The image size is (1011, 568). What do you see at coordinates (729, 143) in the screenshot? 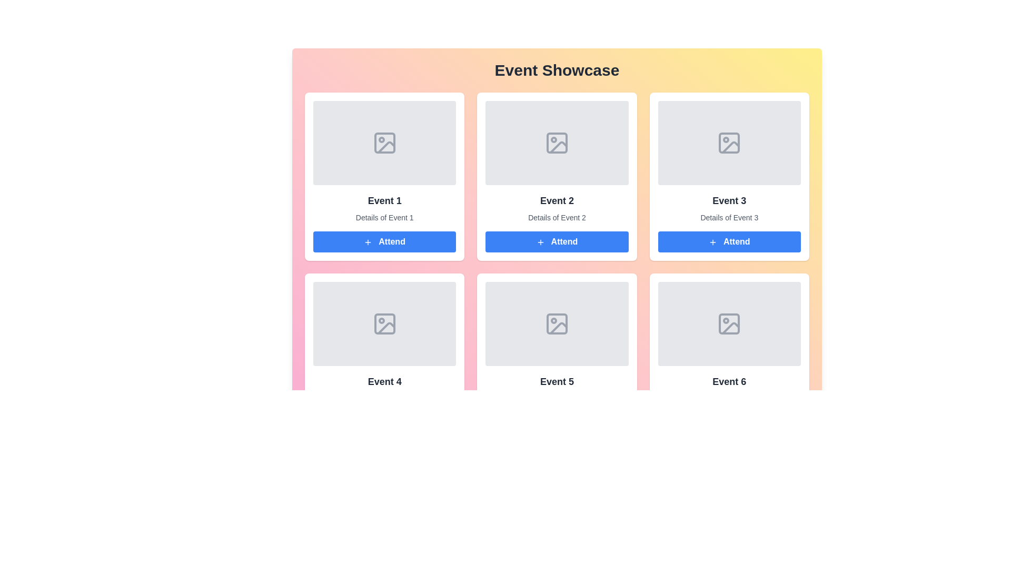
I see `the SVG icon representing an image placeholder, located at the center of the third card in the top row of the grid layout` at bounding box center [729, 143].